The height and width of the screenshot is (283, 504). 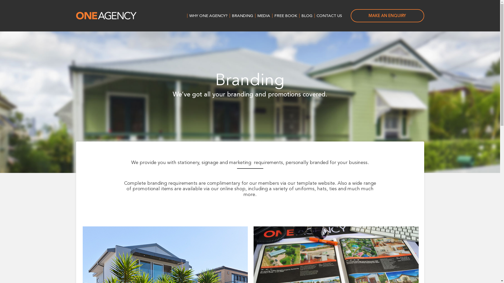 What do you see at coordinates (307, 15) in the screenshot?
I see `'BLOG'` at bounding box center [307, 15].